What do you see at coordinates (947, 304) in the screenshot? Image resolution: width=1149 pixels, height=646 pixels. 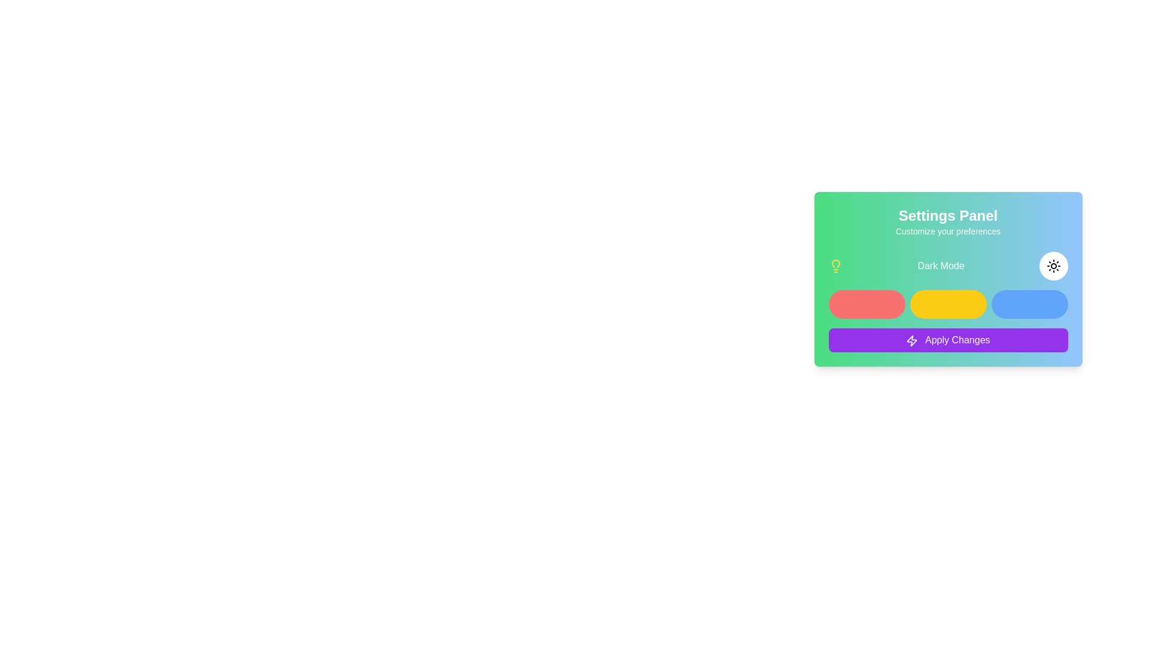 I see `the bright yellow rectangular button with rounded edges located in the center row of the settings panel, which is the second button among three` at bounding box center [947, 304].